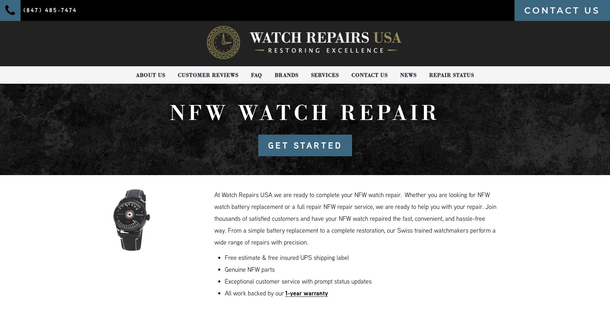 Image resolution: width=610 pixels, height=316 pixels. Describe the element at coordinates (150, 75) in the screenshot. I see `'About Us'` at that location.